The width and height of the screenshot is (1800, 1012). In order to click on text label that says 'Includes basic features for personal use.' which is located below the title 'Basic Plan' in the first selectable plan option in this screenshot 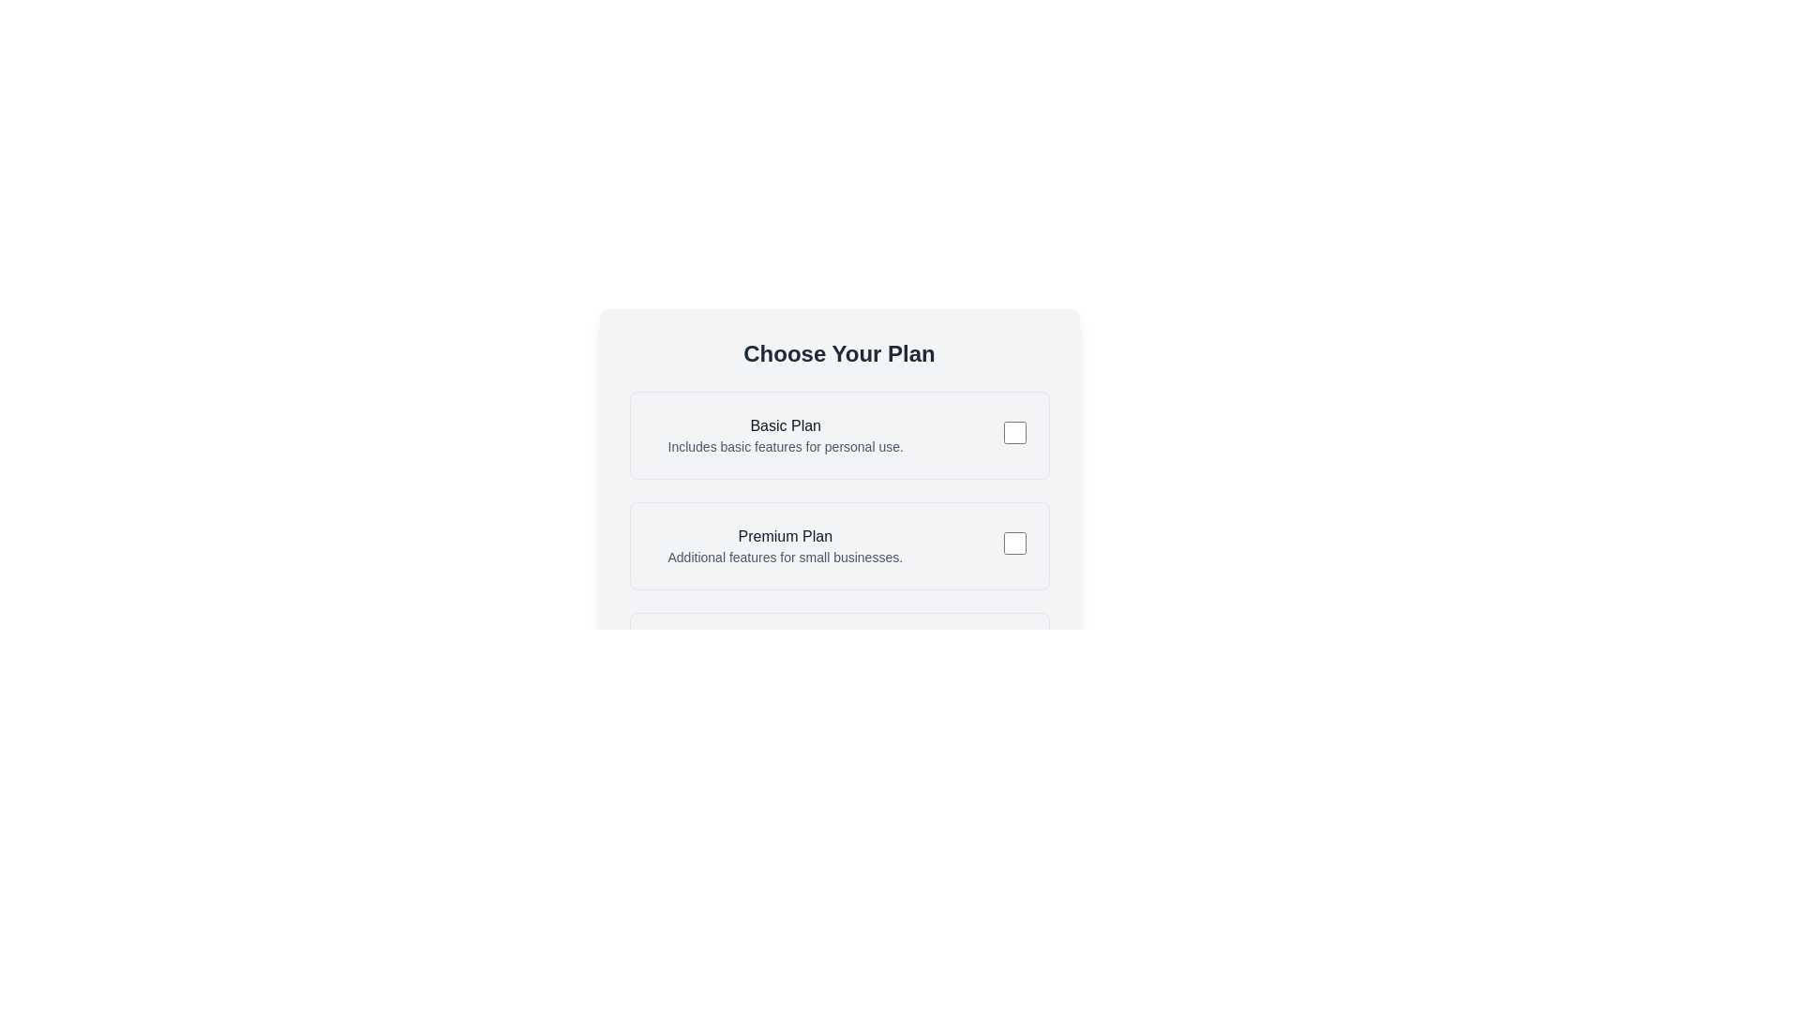, I will do `click(786, 447)`.